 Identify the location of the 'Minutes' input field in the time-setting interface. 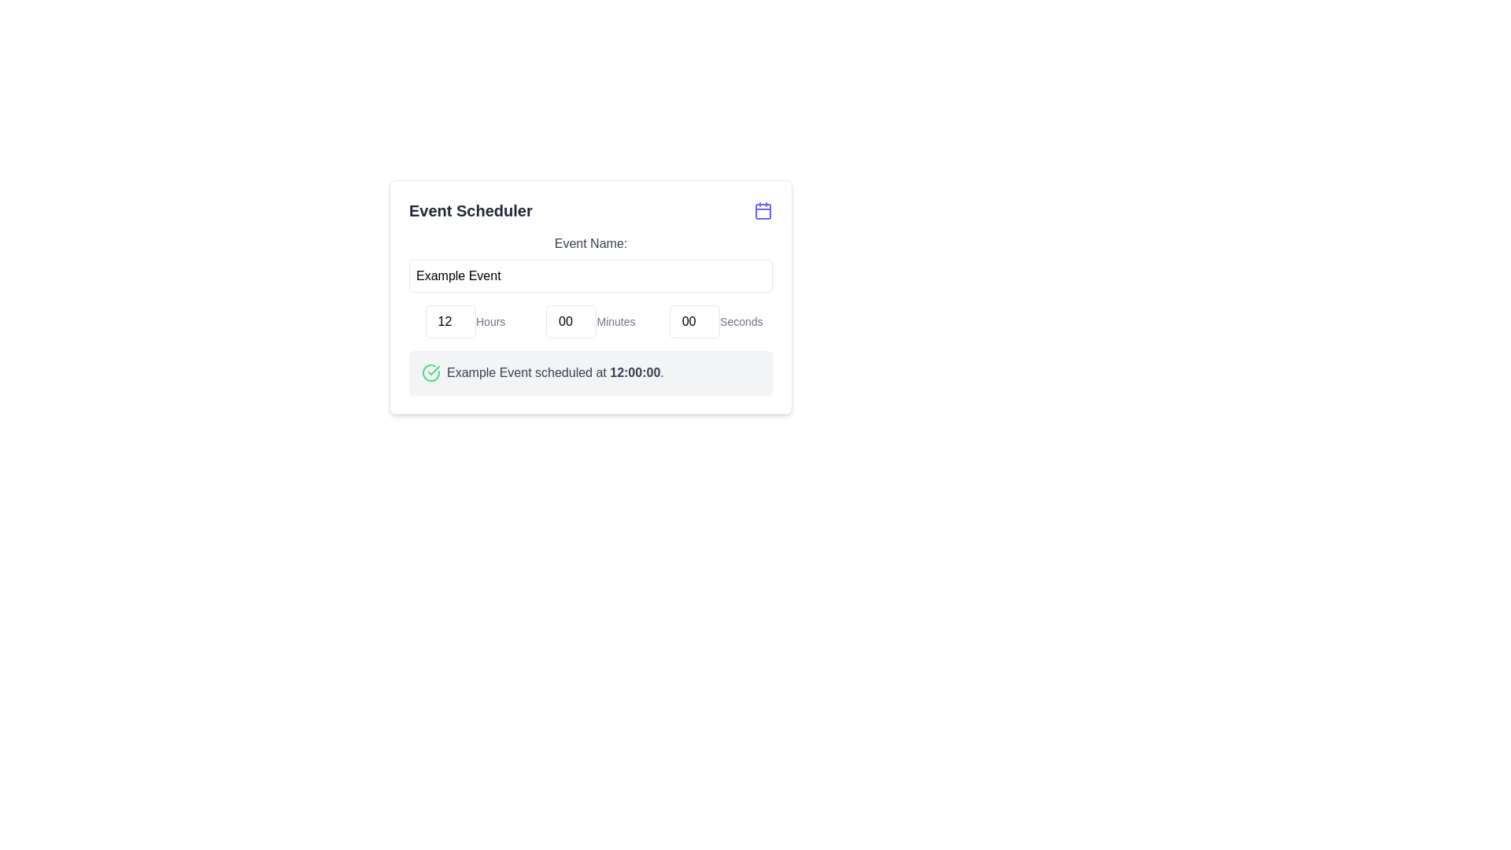
(571, 320).